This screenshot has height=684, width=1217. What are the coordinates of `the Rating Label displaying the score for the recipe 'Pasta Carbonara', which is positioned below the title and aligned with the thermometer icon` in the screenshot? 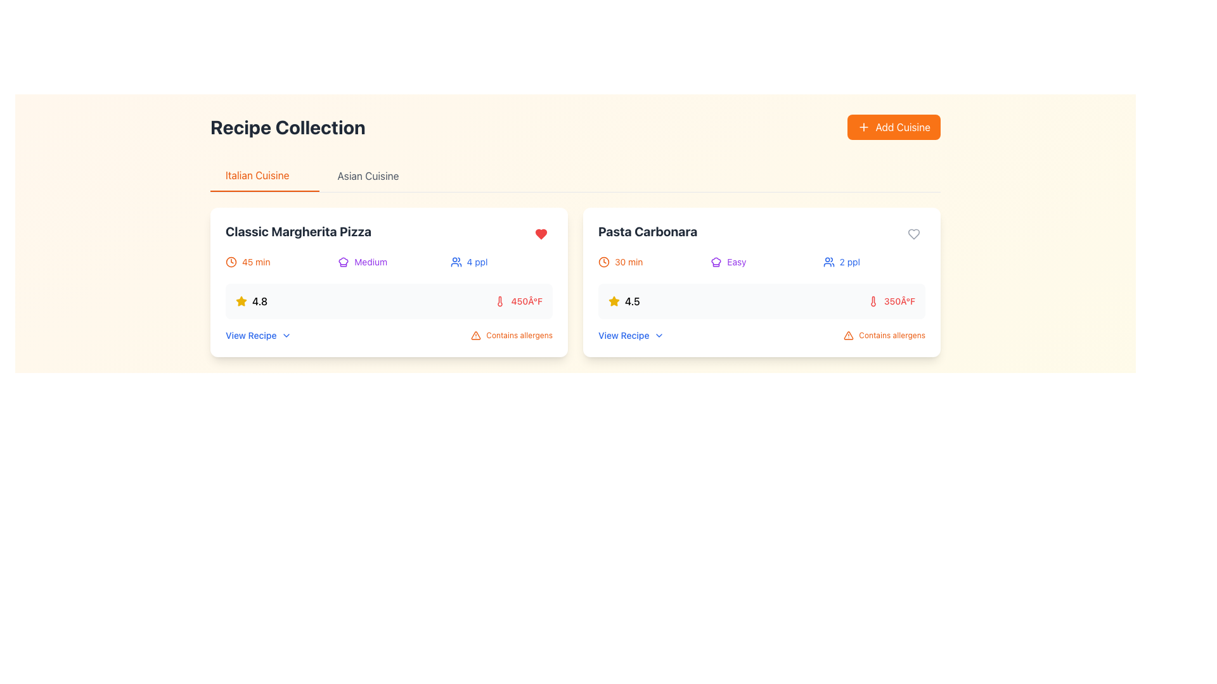 It's located at (624, 301).